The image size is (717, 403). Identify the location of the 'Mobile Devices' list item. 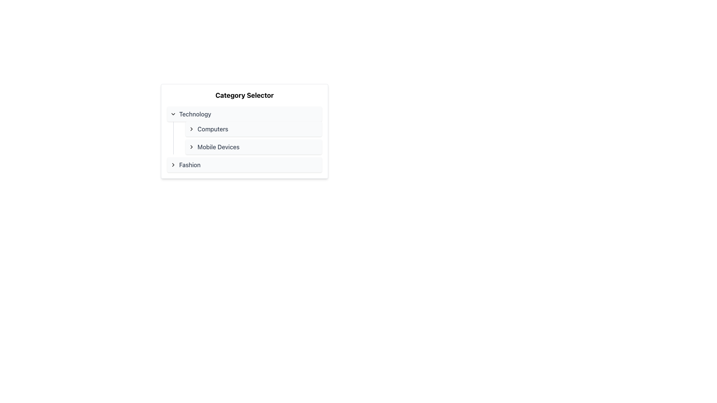
(244, 140).